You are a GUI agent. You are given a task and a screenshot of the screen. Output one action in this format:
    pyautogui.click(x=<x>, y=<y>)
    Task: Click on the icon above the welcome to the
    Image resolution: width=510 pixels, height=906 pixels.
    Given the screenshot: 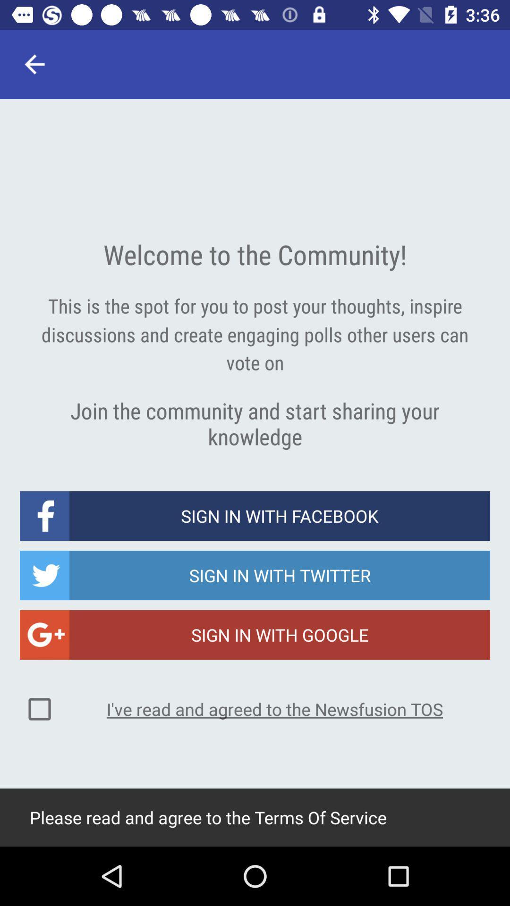 What is the action you would take?
    pyautogui.click(x=34, y=64)
    